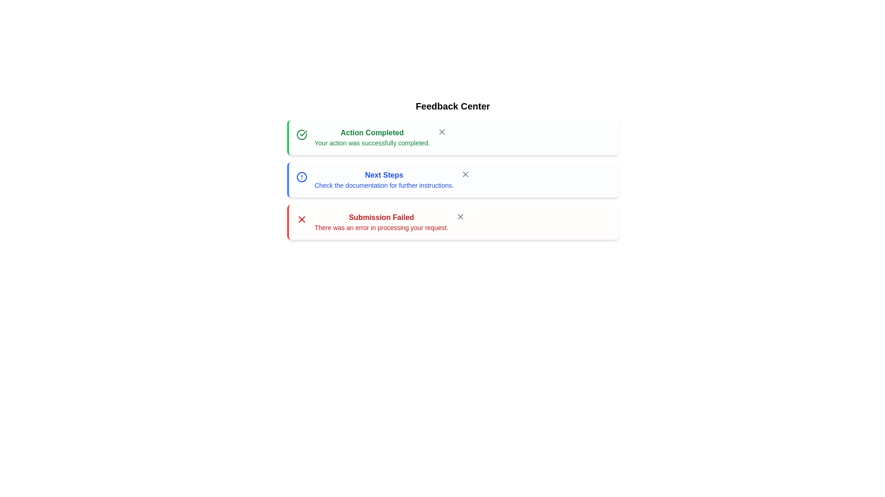  Describe the element at coordinates (453, 222) in the screenshot. I see `the alert with title Submission Failed and read its message` at that location.